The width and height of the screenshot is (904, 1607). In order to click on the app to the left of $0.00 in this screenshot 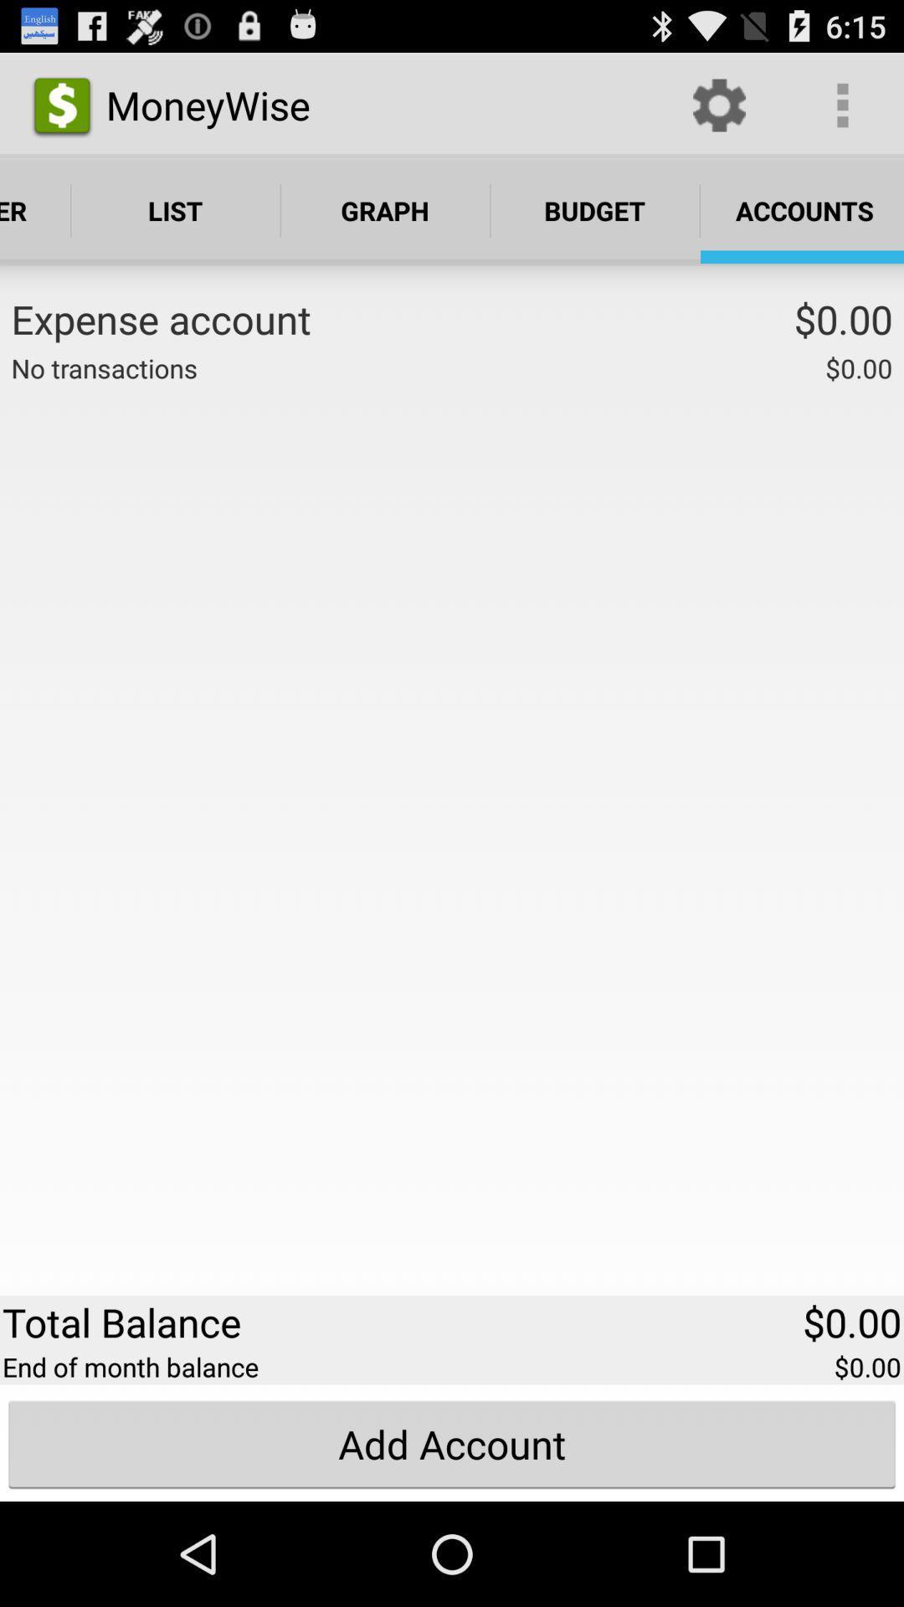, I will do `click(552, 322)`.